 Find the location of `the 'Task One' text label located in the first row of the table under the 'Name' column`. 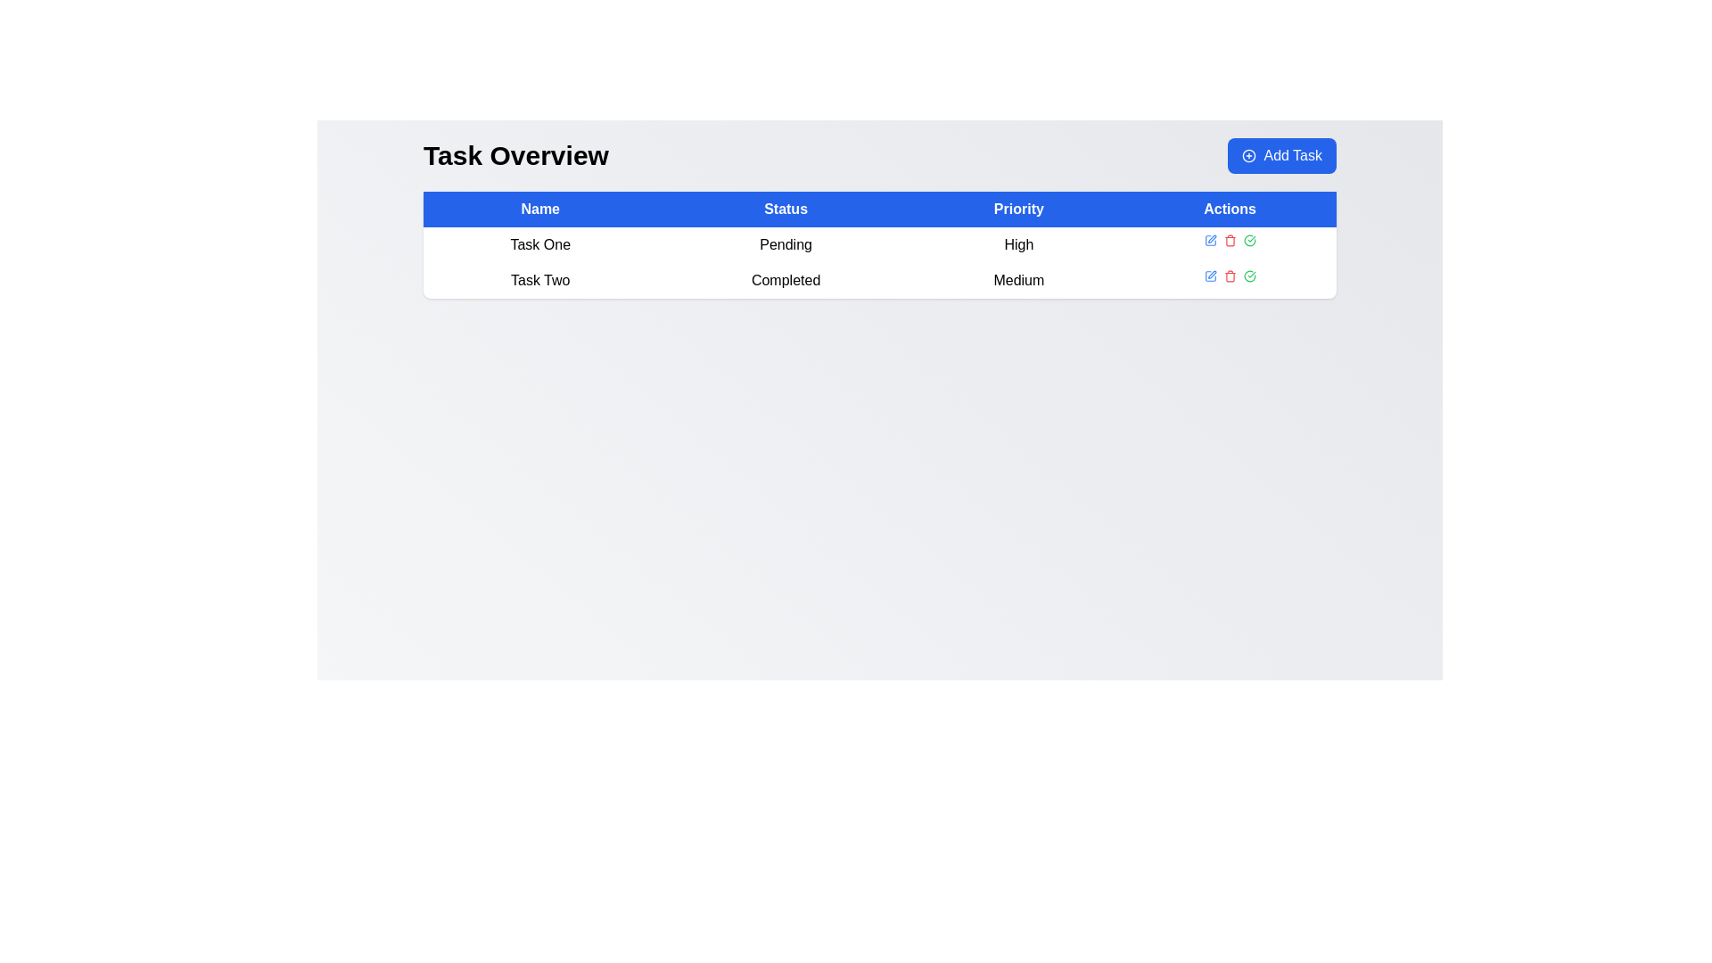

the 'Task One' text label located in the first row of the table under the 'Name' column is located at coordinates (539, 244).